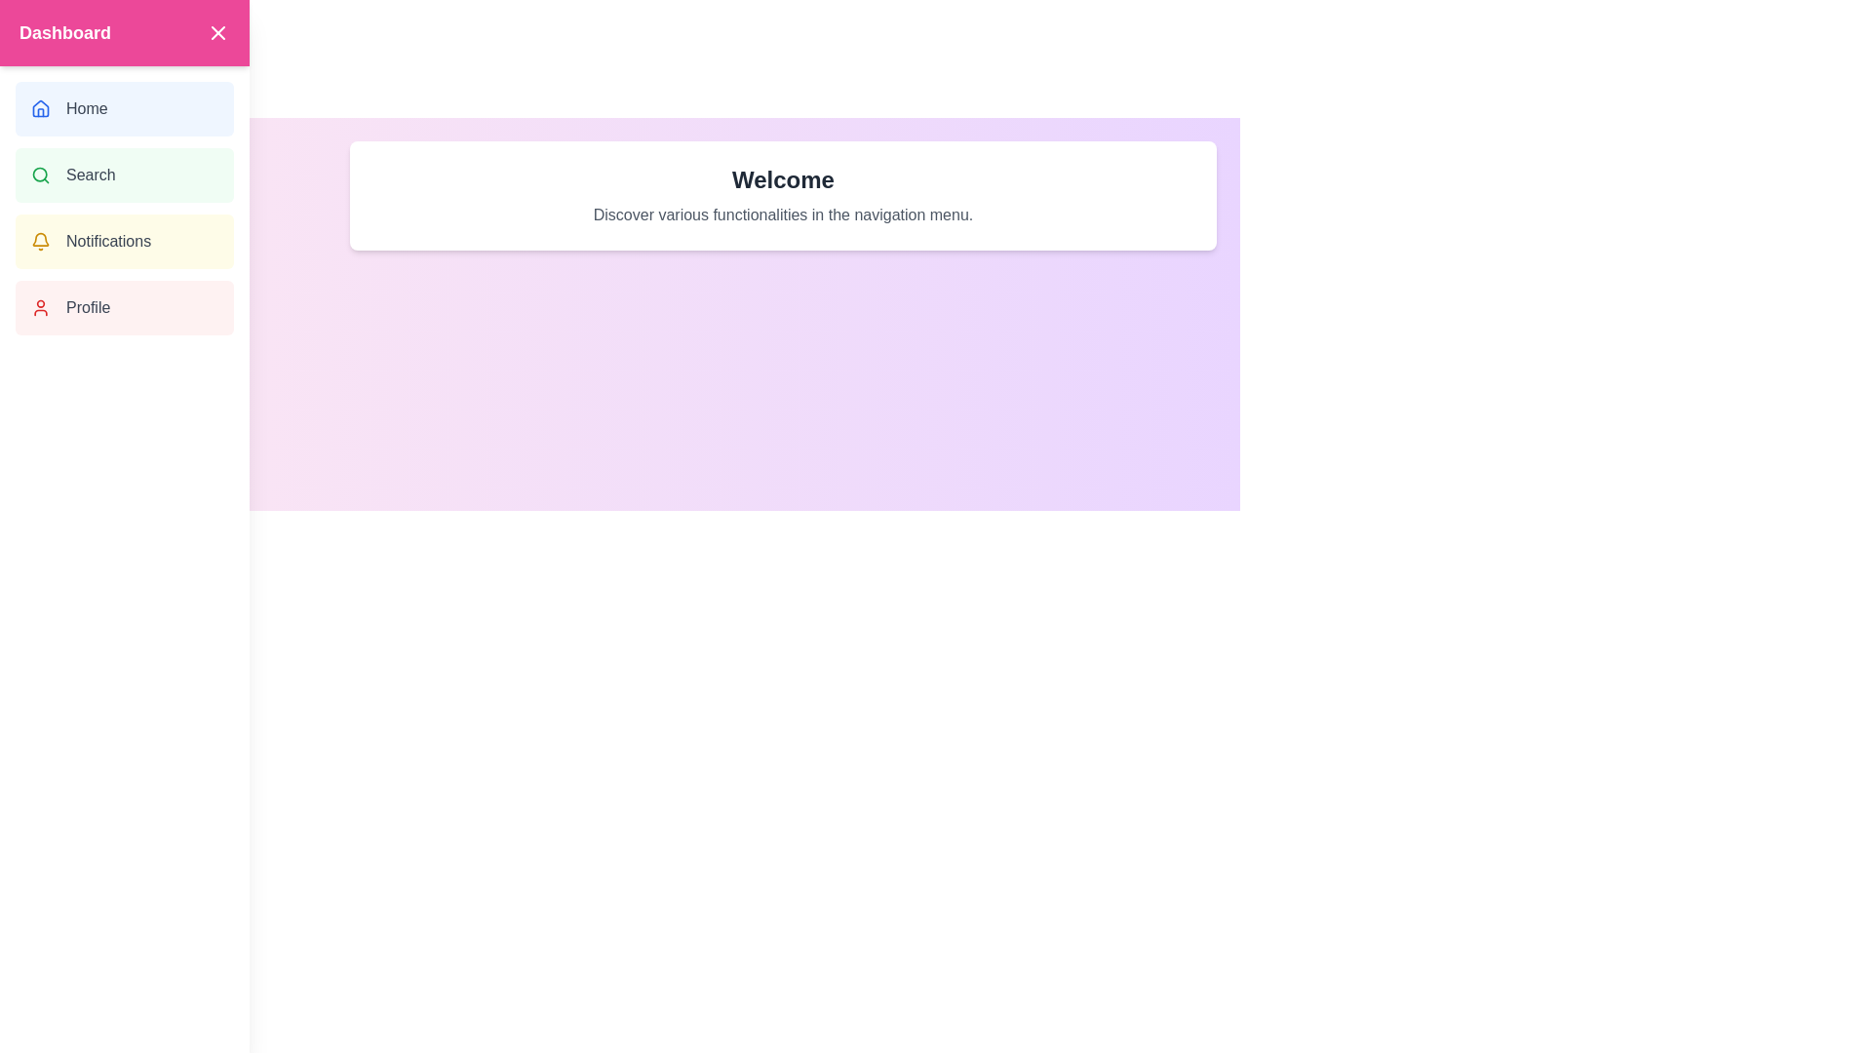 The image size is (1872, 1053). What do you see at coordinates (783, 180) in the screenshot?
I see `the 'Welcome' text label, which is bold, large, and dark gray, located at the top of a white card with rounded corners` at bounding box center [783, 180].